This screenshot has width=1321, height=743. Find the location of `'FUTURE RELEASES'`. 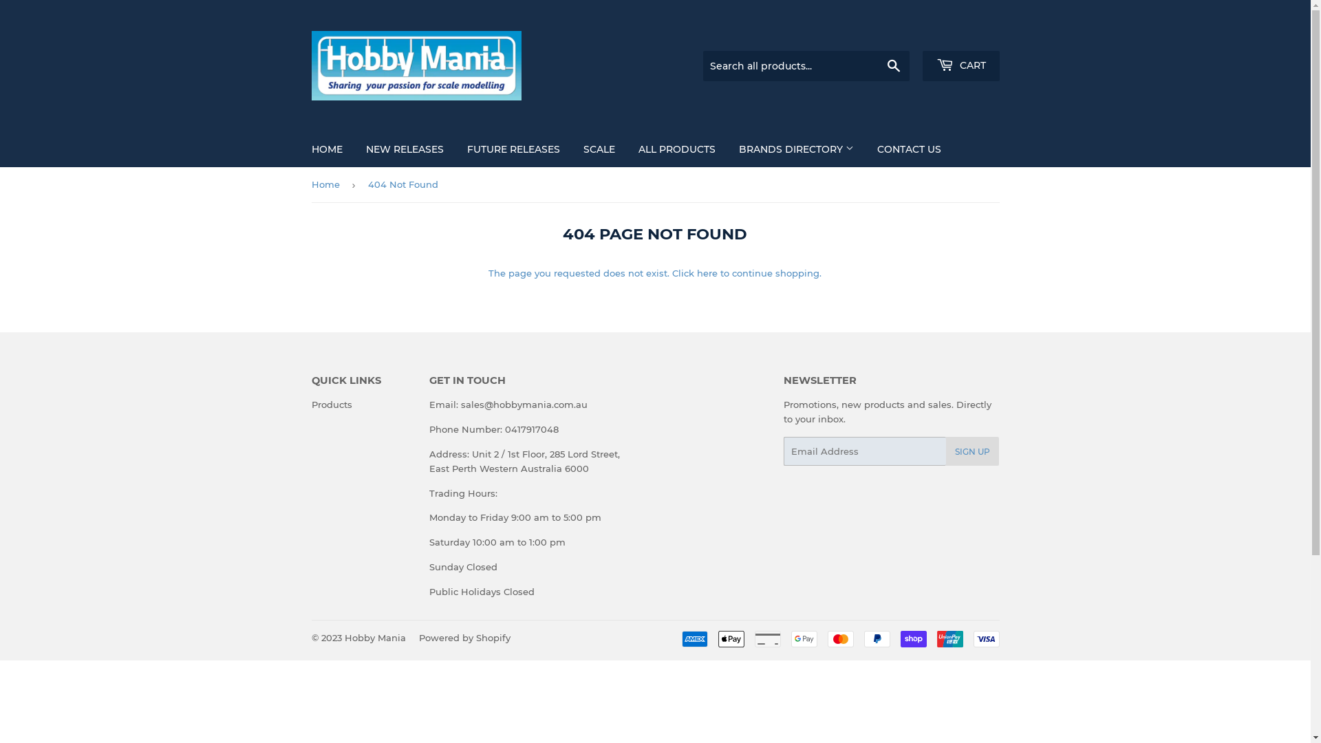

'FUTURE RELEASES' is located at coordinates (513, 149).